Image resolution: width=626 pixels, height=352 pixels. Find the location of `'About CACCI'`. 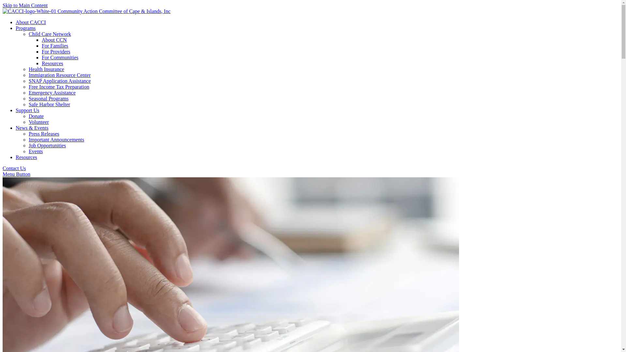

'About CACCI' is located at coordinates (16, 22).